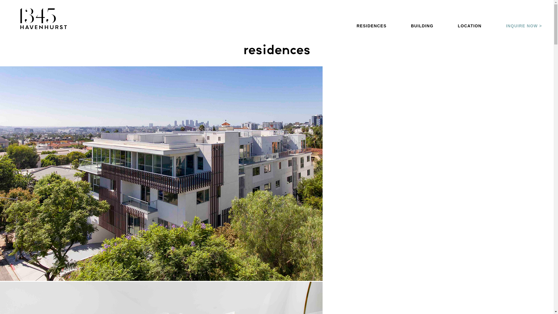  I want to click on 'INQUIRE NOW >', so click(524, 25).